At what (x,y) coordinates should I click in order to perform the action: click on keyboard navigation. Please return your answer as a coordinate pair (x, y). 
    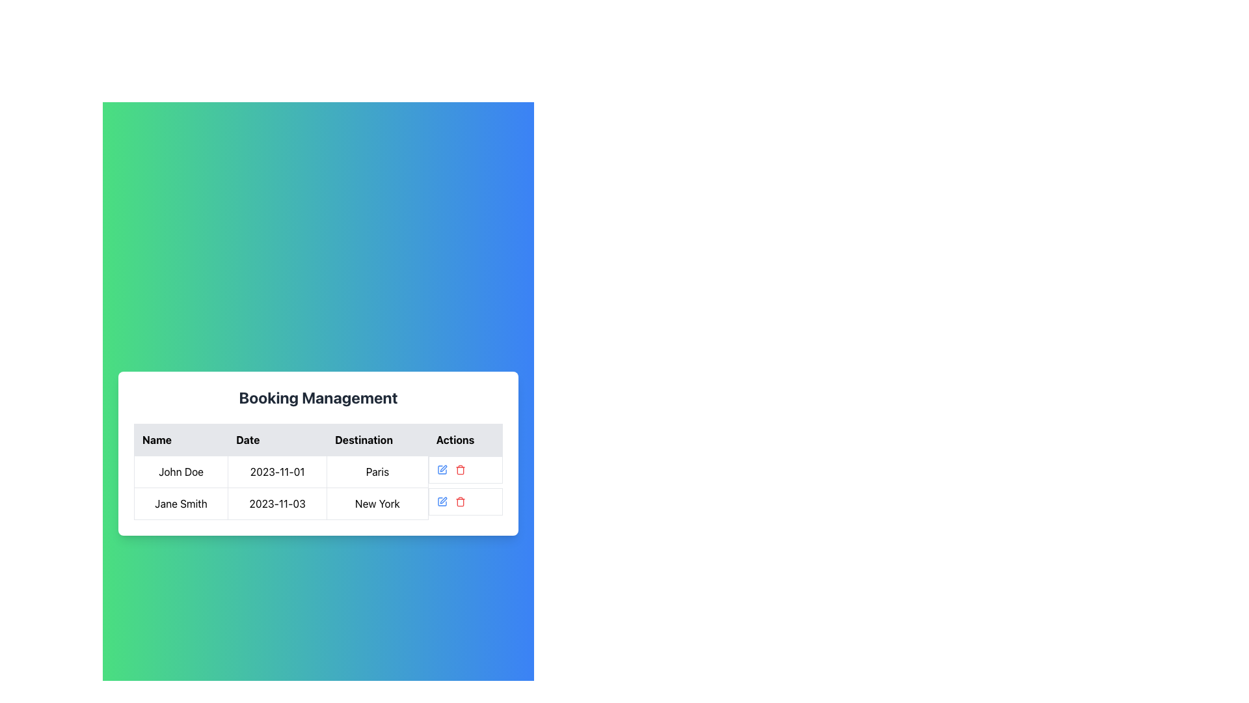
    Looking at the image, I should click on (442, 469).